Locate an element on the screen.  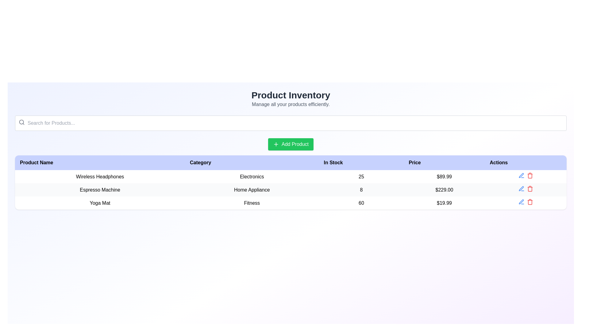
the 'Yoga Mat' text label located in the 'Product Name' column of the product listing table is located at coordinates (100, 203).